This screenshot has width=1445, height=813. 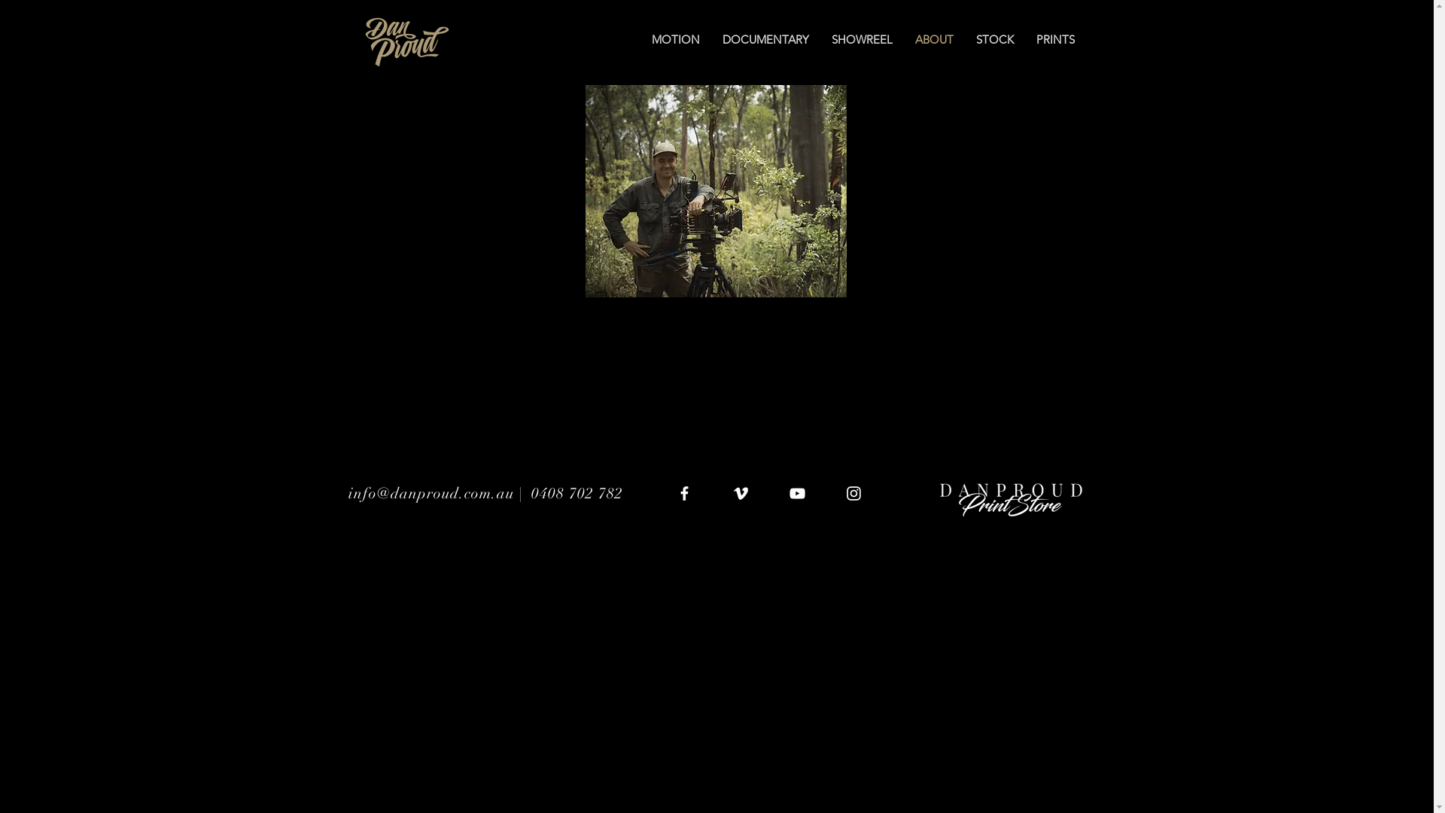 What do you see at coordinates (994, 39) in the screenshot?
I see `'STOCK'` at bounding box center [994, 39].